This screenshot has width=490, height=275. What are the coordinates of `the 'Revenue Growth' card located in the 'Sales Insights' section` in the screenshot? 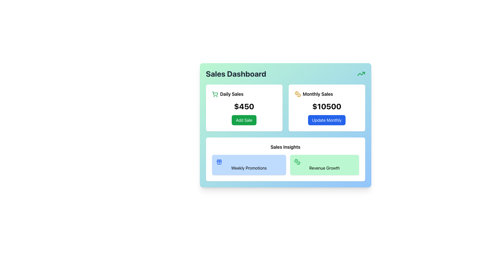 It's located at (324, 165).